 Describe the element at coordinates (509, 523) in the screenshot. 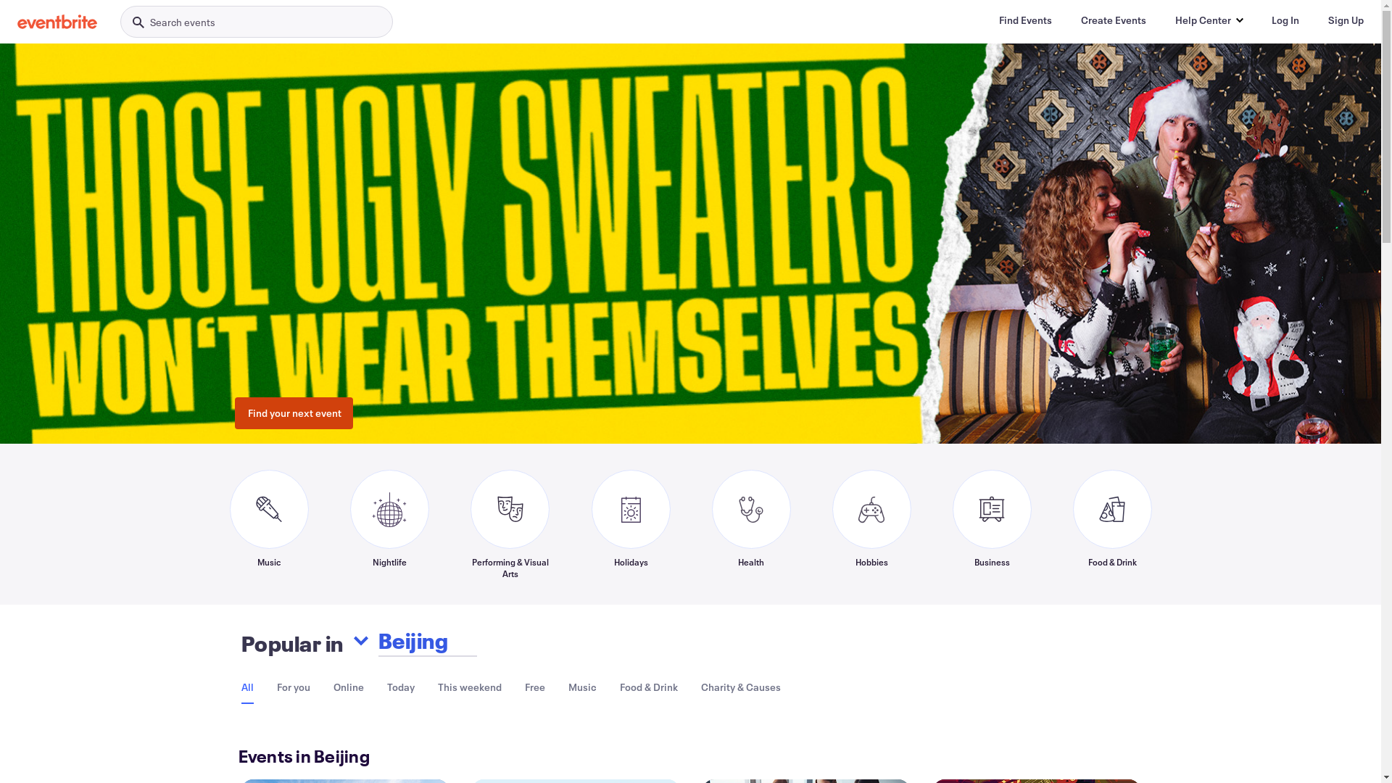

I see `'Performing & Visual Arts'` at that location.